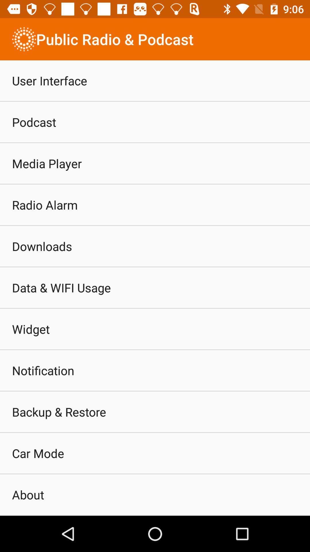  Describe the element at coordinates (49, 80) in the screenshot. I see `item above the podcast app` at that location.